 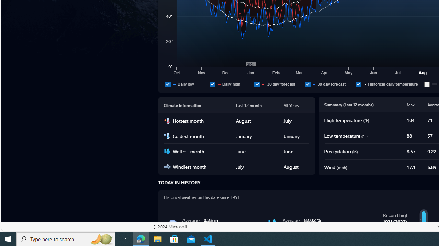 What do you see at coordinates (212, 84) in the screenshot?
I see `'Daily high'` at bounding box center [212, 84].